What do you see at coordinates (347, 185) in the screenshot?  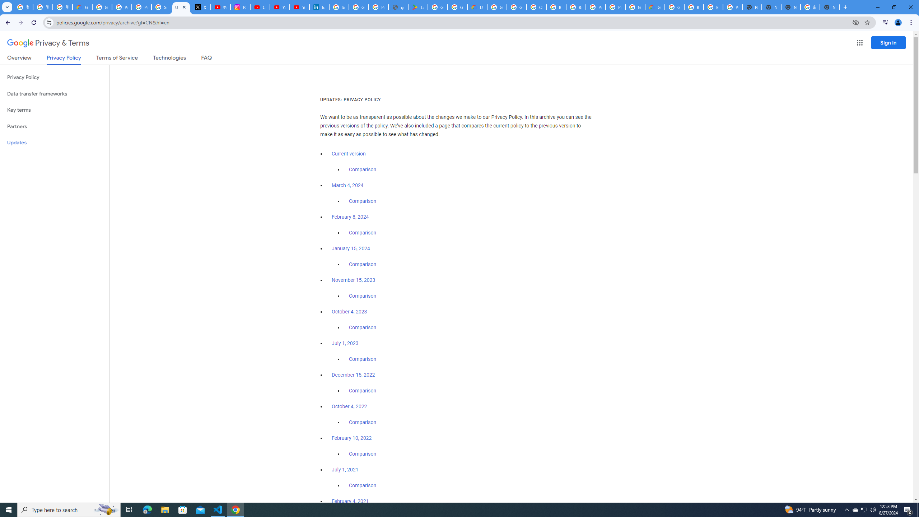 I see `'March 4, 2024'` at bounding box center [347, 185].